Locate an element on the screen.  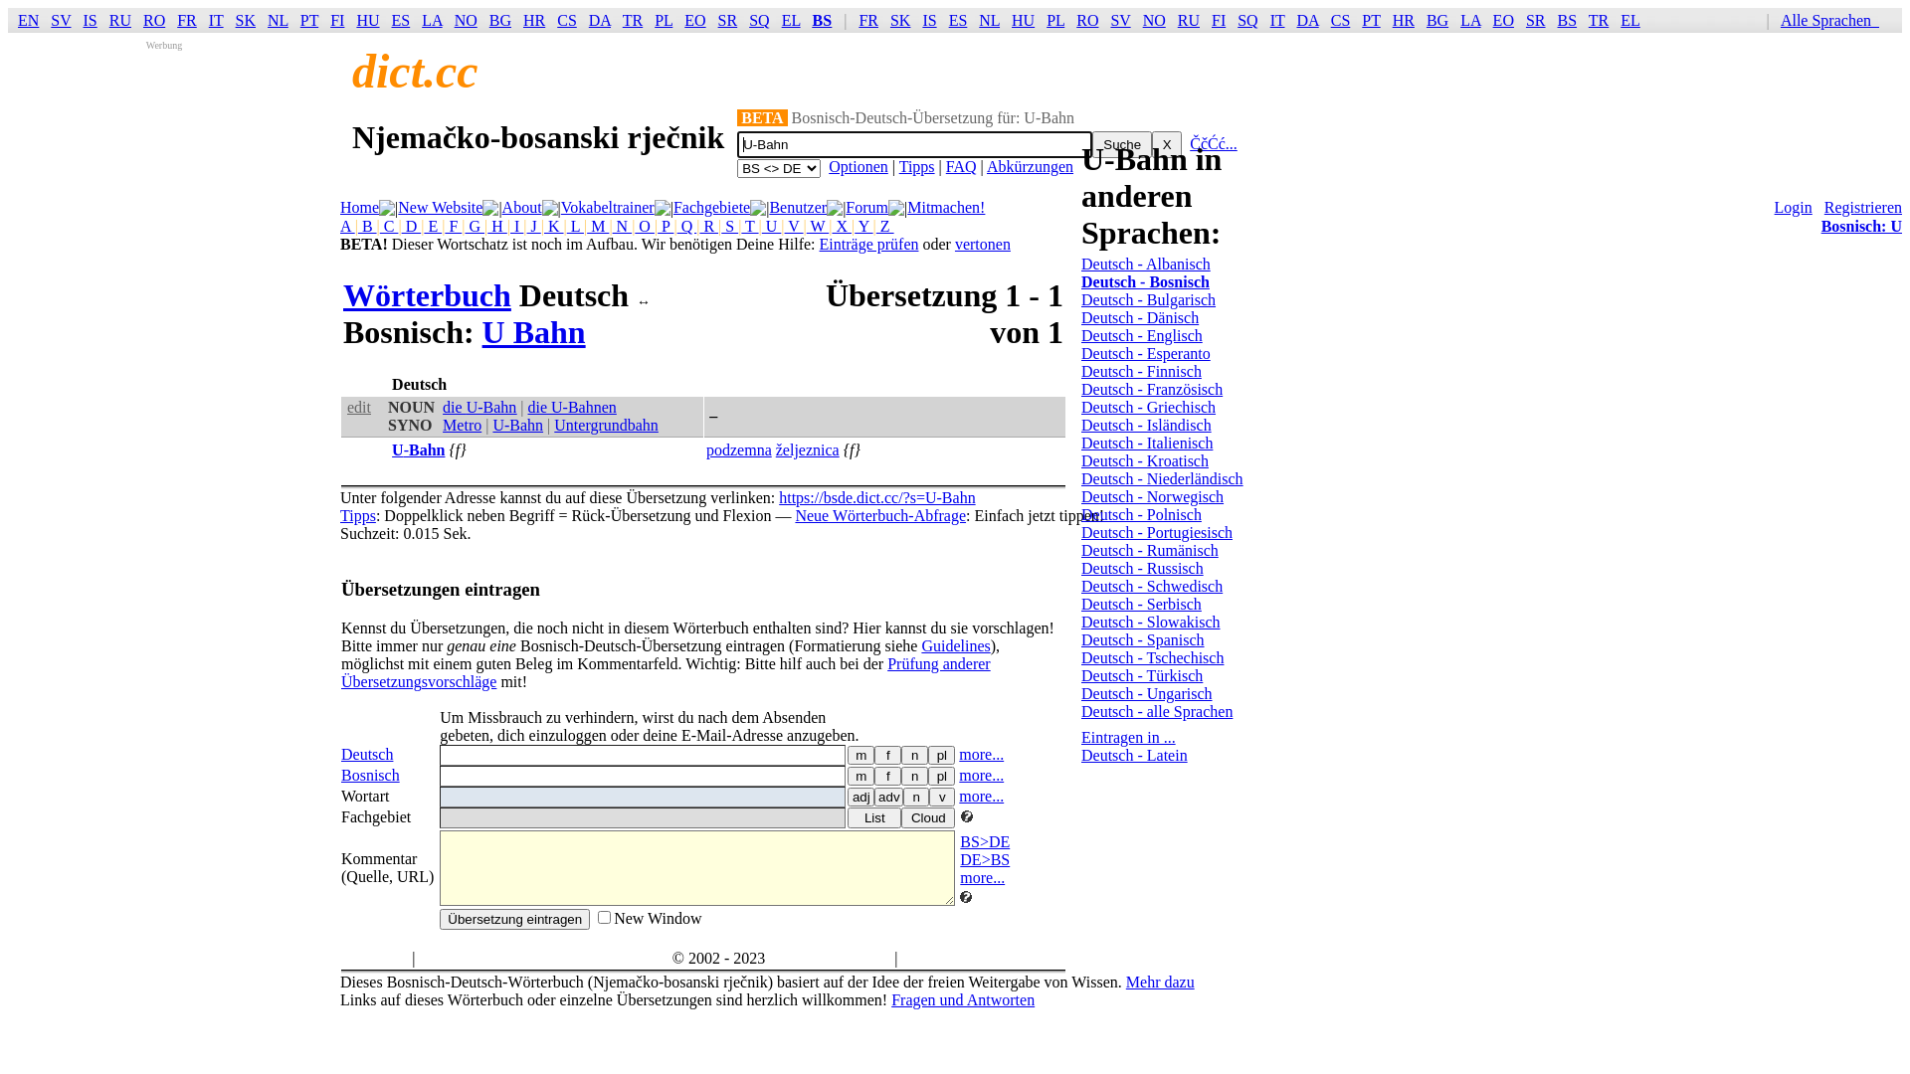
'Deutsch - Portugiesisch' is located at coordinates (1079, 531).